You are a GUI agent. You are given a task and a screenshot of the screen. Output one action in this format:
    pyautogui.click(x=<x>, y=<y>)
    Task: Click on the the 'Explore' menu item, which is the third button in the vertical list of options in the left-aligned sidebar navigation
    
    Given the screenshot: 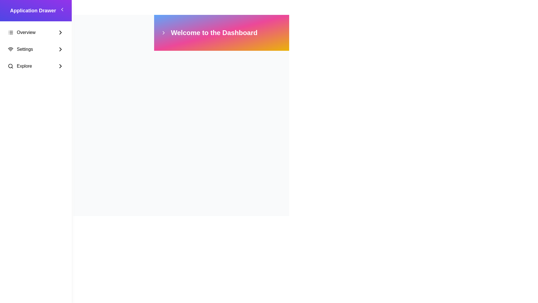 What is the action you would take?
    pyautogui.click(x=36, y=66)
    